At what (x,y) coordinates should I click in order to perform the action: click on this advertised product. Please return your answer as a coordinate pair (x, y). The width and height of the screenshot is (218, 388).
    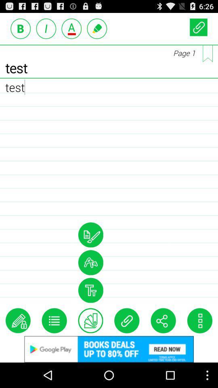
    Looking at the image, I should click on (109, 349).